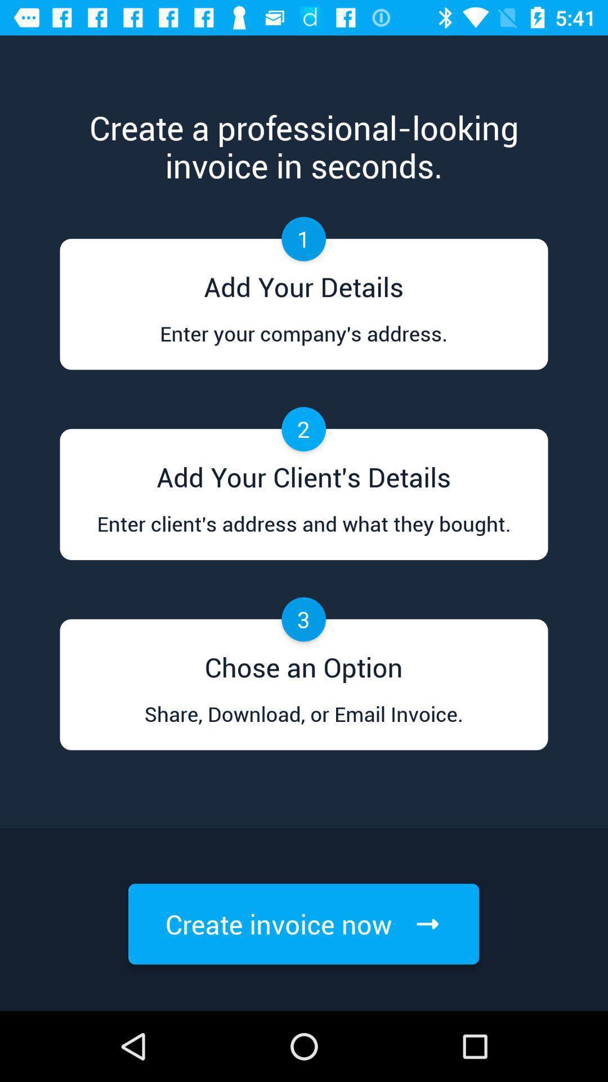 This screenshot has height=1082, width=608. What do you see at coordinates (303, 725) in the screenshot?
I see `item above the create invoice now item` at bounding box center [303, 725].